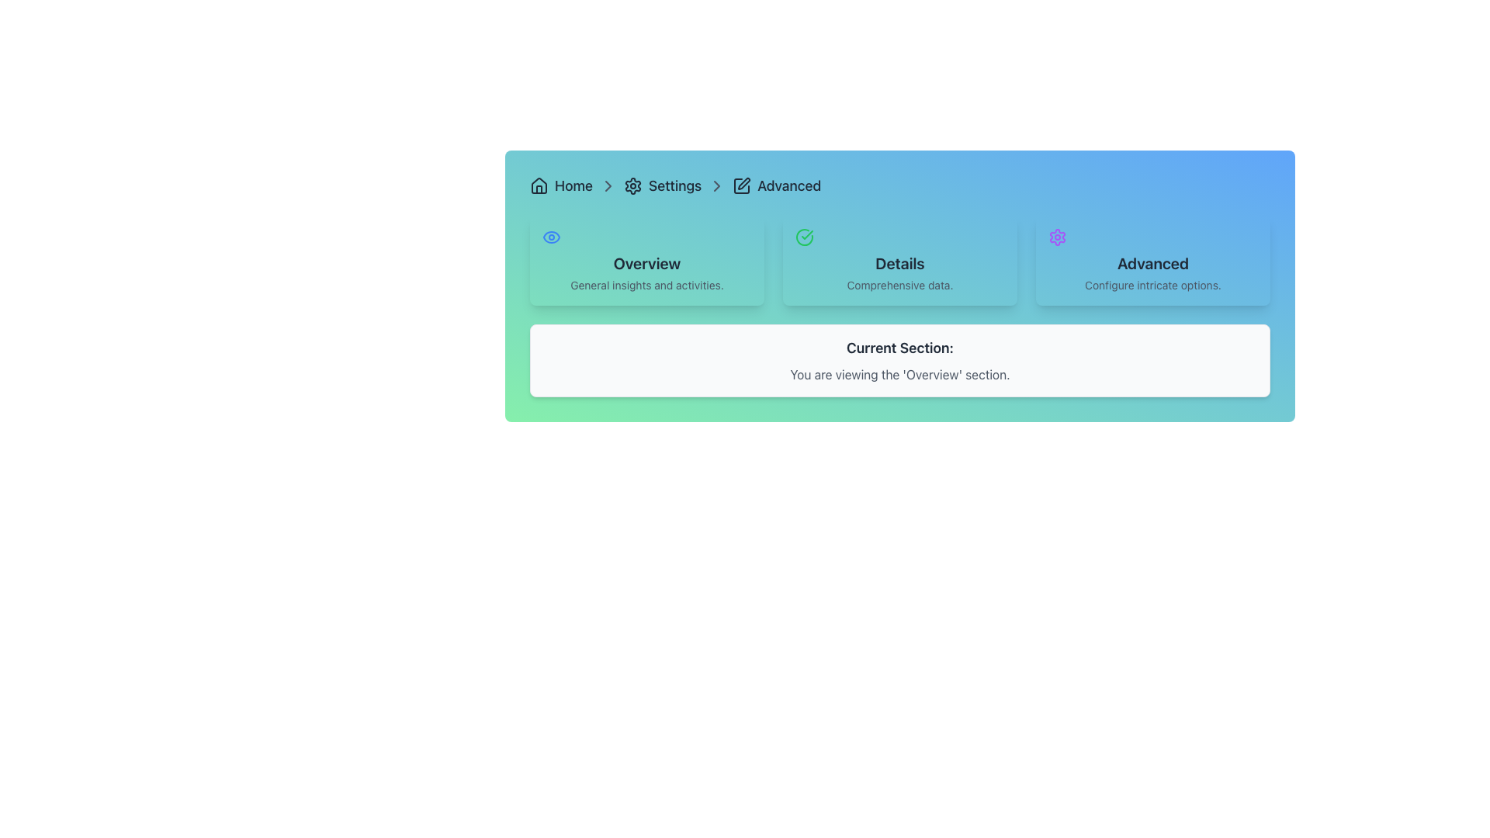 Image resolution: width=1490 pixels, height=838 pixels. What do you see at coordinates (633, 185) in the screenshot?
I see `the gear-like icon representing settings in the top navigation bar, located between the 'Home' and 'Advanced' breadcrumb links` at bounding box center [633, 185].